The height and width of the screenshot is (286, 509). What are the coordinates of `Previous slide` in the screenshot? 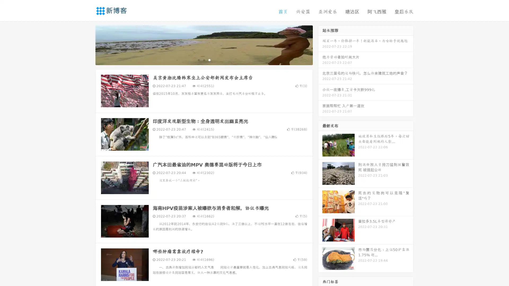 It's located at (87, 44).